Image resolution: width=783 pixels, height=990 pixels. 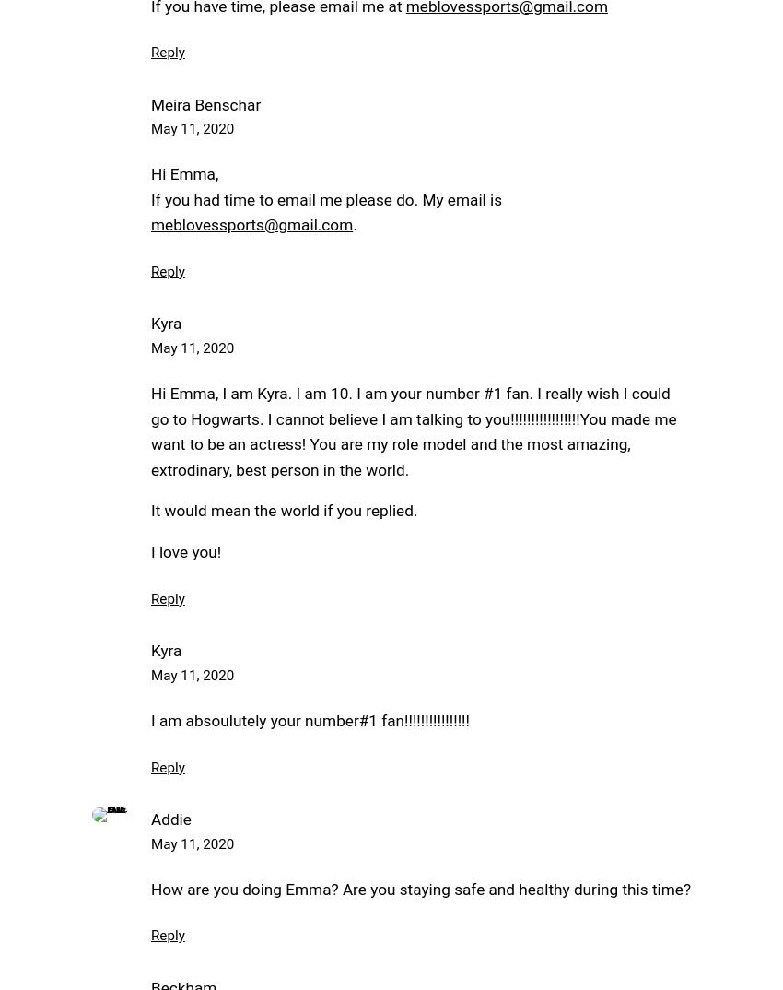 What do you see at coordinates (150, 102) in the screenshot?
I see `'Meira Benschar'` at bounding box center [150, 102].